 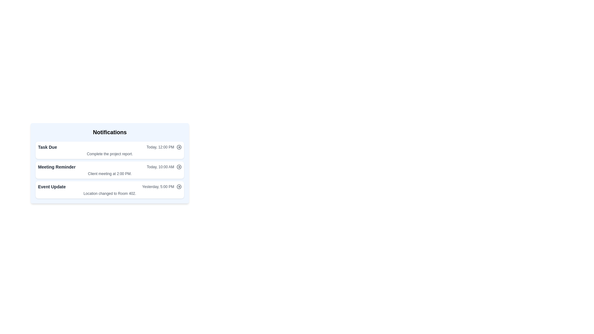 What do you see at coordinates (179, 186) in the screenshot?
I see `the circular SVG graphical element located near the bottom-right of the 'Event Update' notification` at bounding box center [179, 186].